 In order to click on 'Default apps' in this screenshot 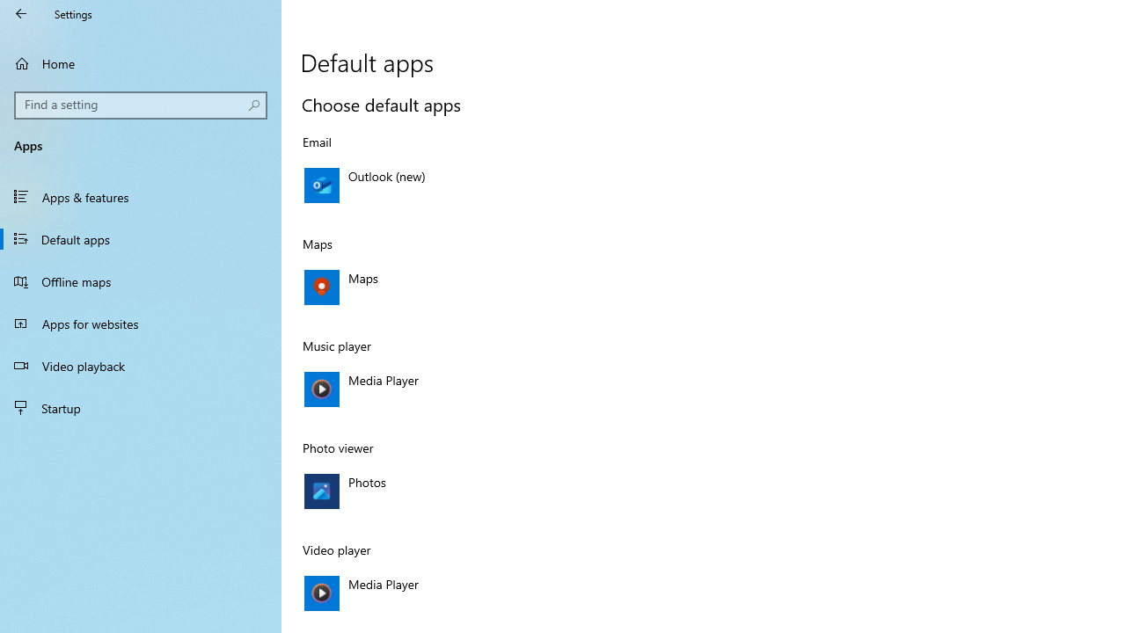, I will do `click(141, 238)`.